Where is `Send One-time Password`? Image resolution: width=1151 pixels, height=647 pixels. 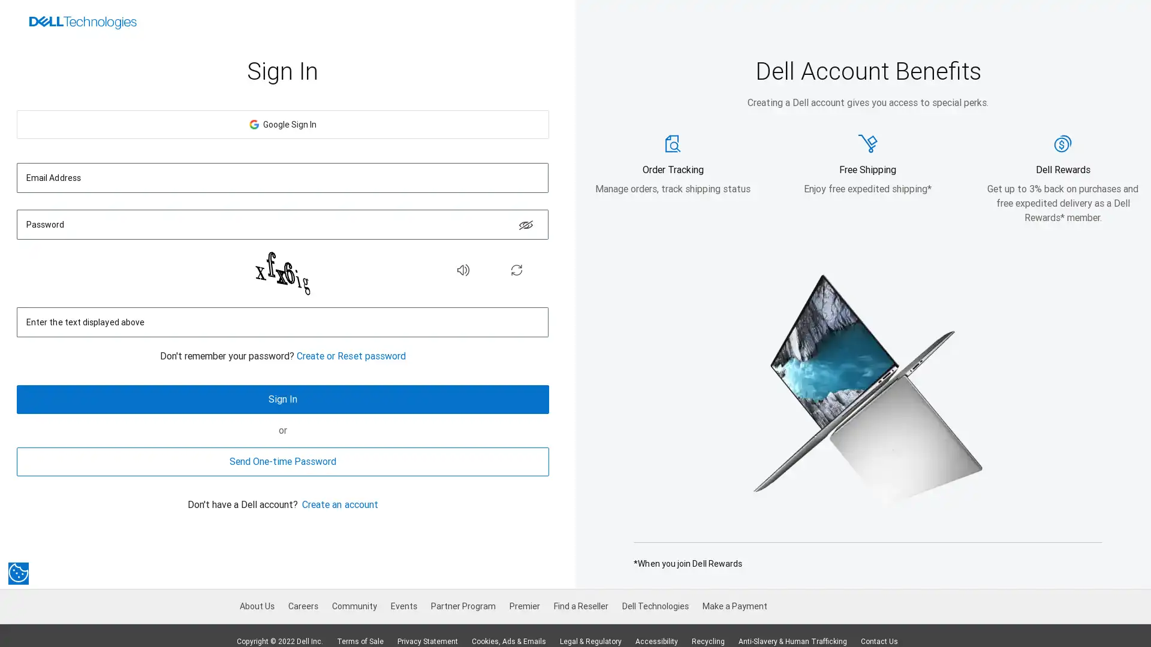 Send One-time Password is located at coordinates (282, 461).